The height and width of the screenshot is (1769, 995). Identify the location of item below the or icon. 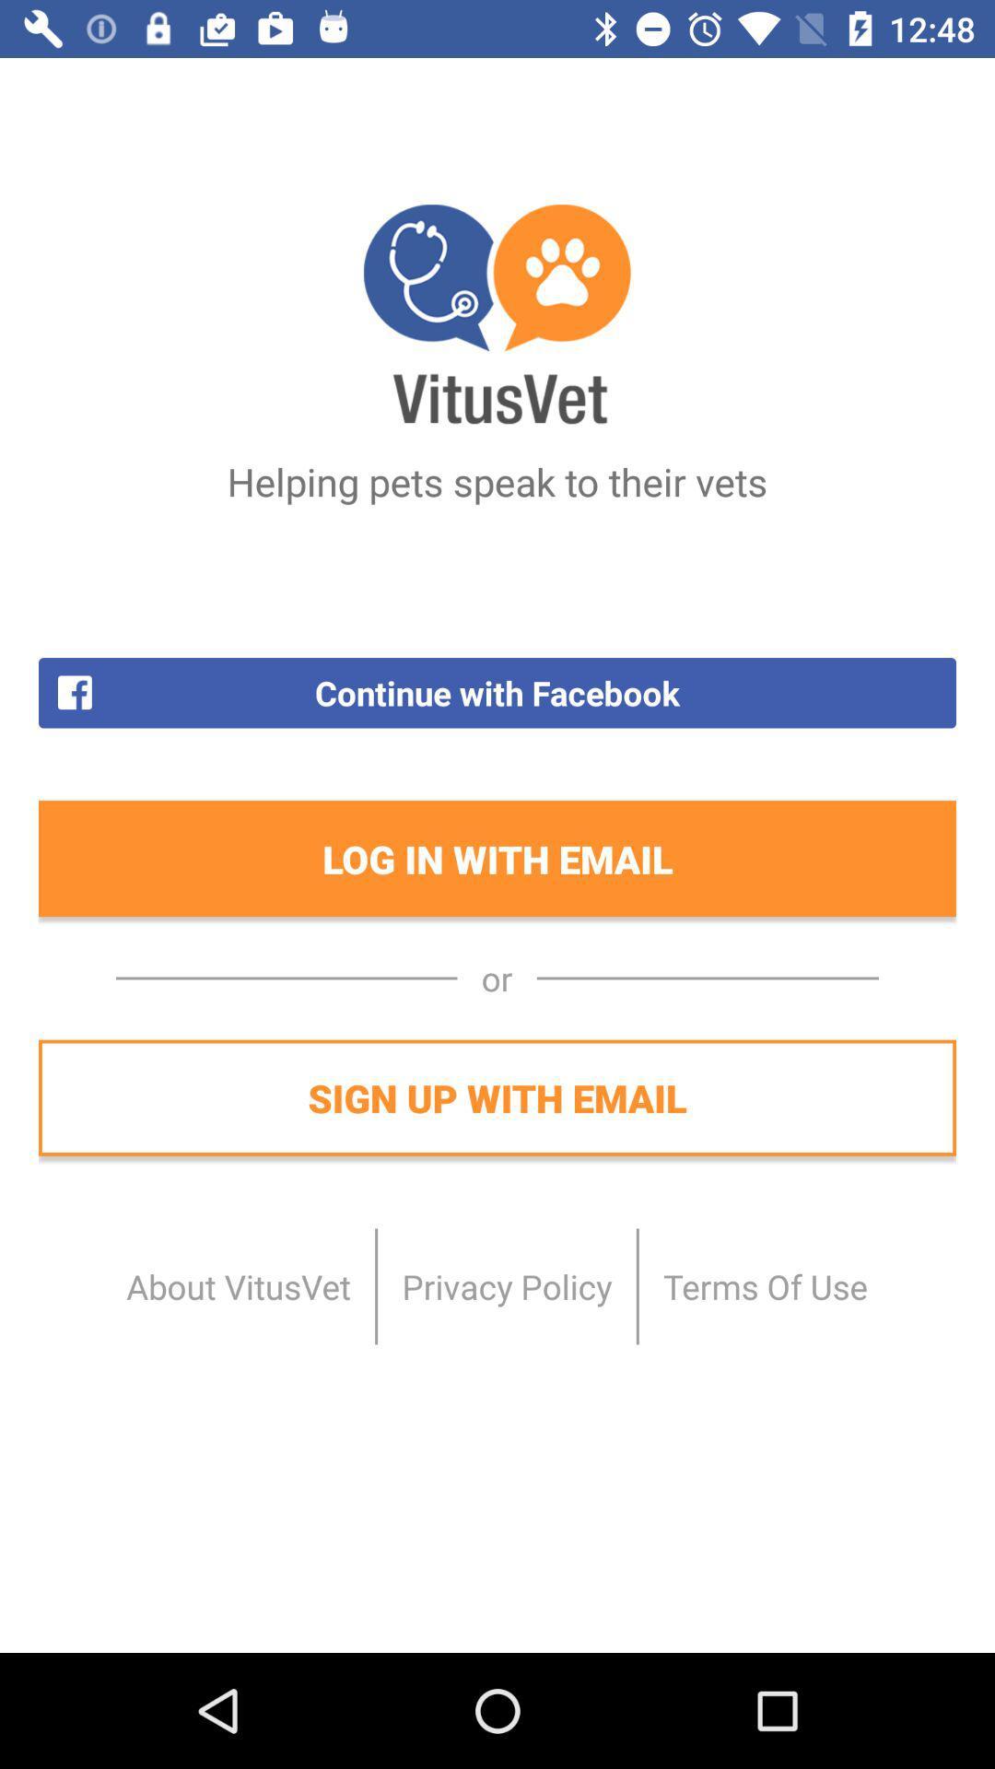
(497, 1097).